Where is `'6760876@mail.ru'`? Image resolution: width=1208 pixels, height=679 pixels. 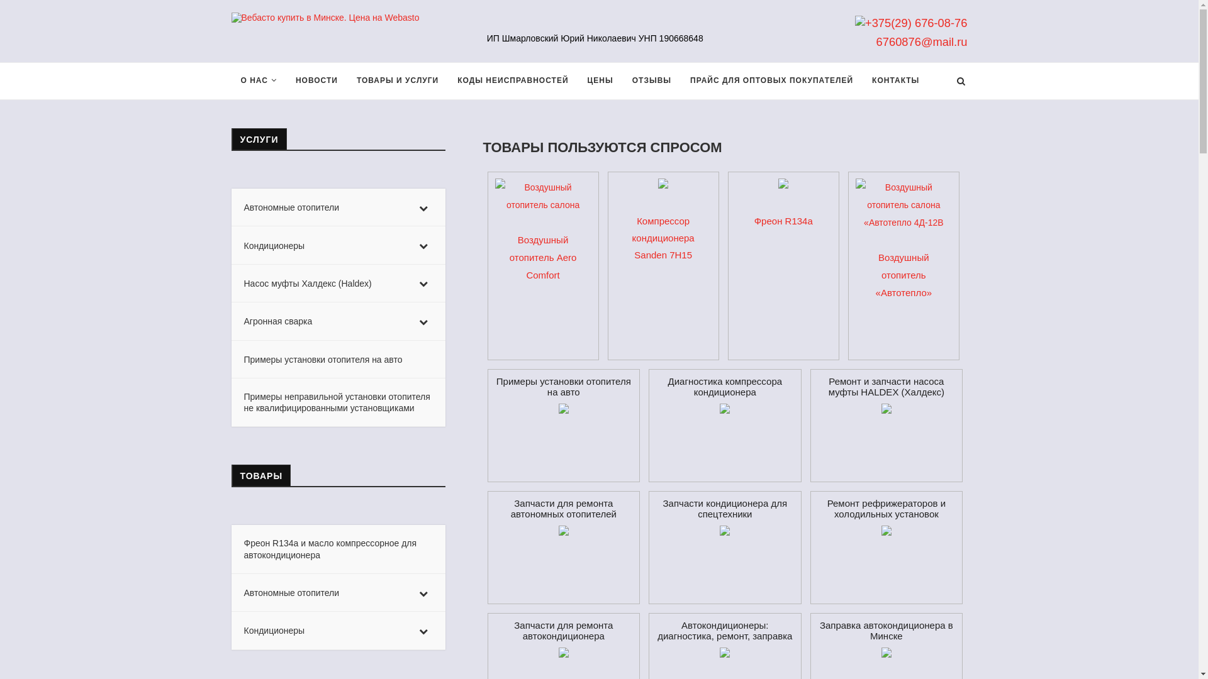
'6760876@mail.ru' is located at coordinates (922, 41).